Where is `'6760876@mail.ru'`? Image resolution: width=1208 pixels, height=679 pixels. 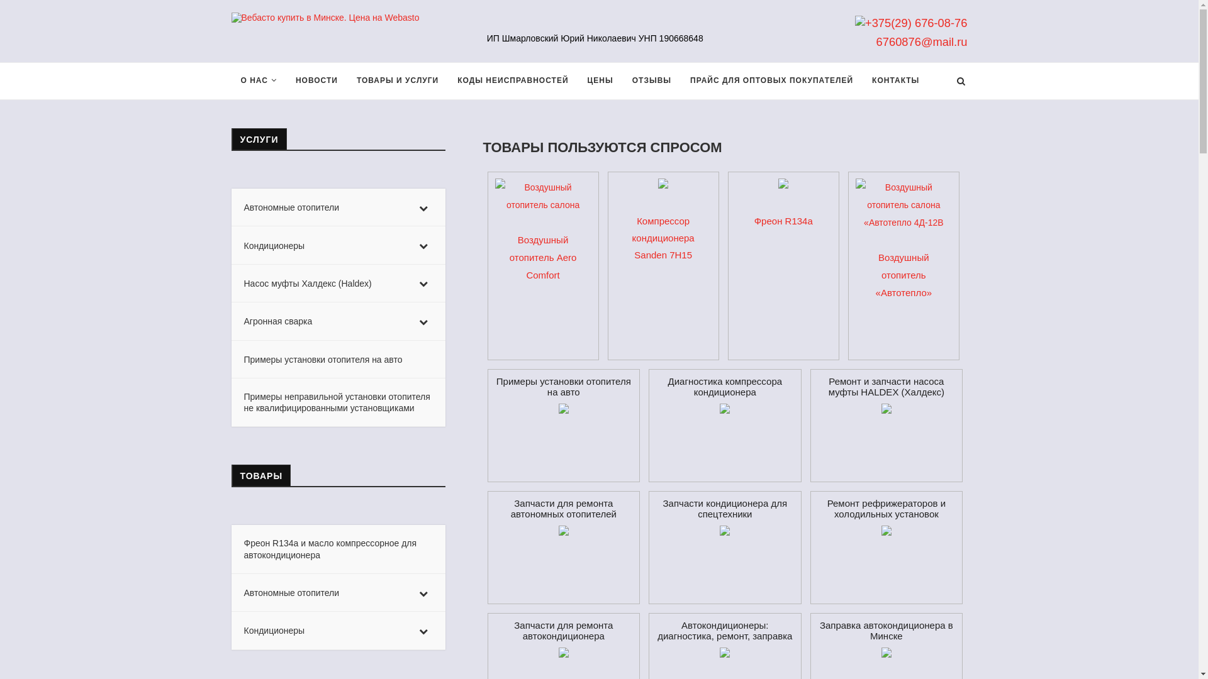
'6760876@mail.ru' is located at coordinates (922, 41).